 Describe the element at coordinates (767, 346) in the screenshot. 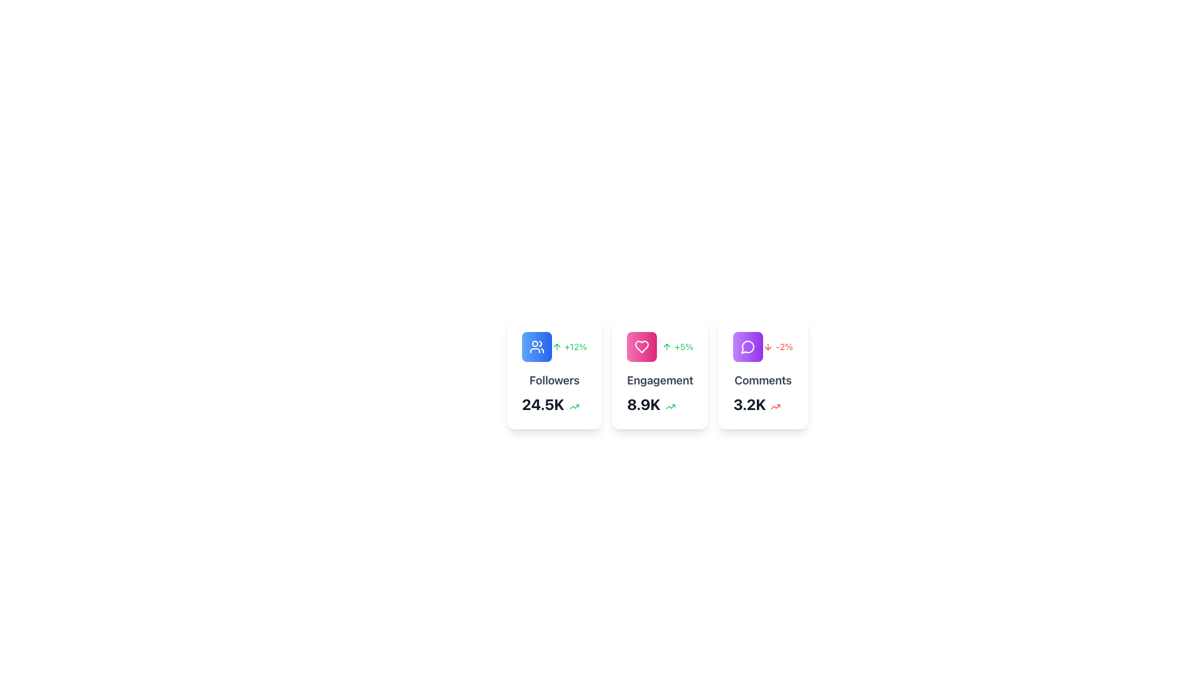

I see `the visual representation of the downward-pointing red arrow icon located immediately to the left of the '-2%' text in the top-right section of the 'Comments' card` at that location.